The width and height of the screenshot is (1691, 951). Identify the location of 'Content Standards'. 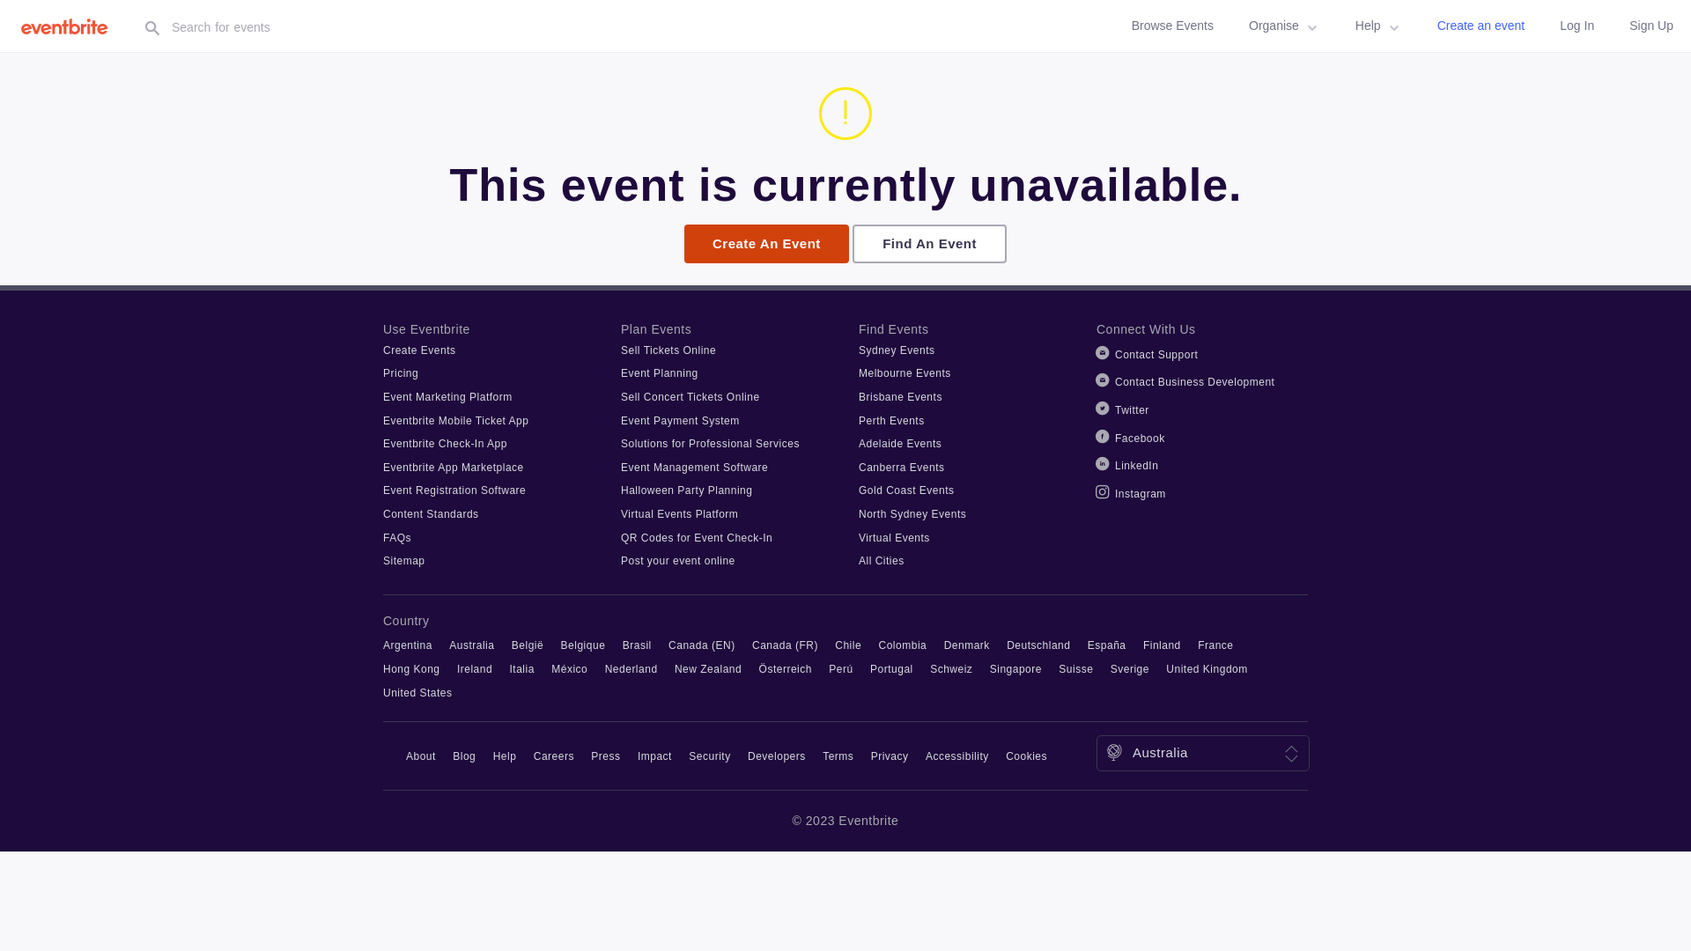
(431, 513).